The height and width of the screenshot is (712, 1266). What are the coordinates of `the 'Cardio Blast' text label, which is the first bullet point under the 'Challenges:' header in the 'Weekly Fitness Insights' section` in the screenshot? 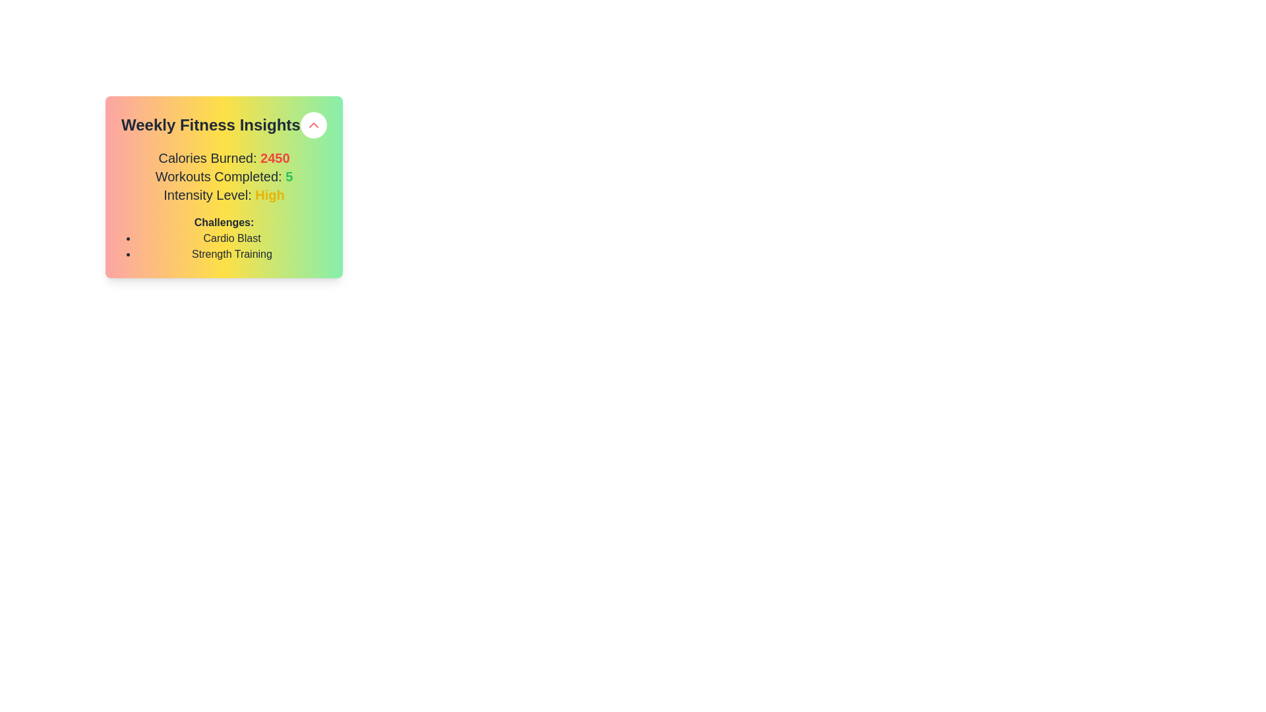 It's located at (231, 239).